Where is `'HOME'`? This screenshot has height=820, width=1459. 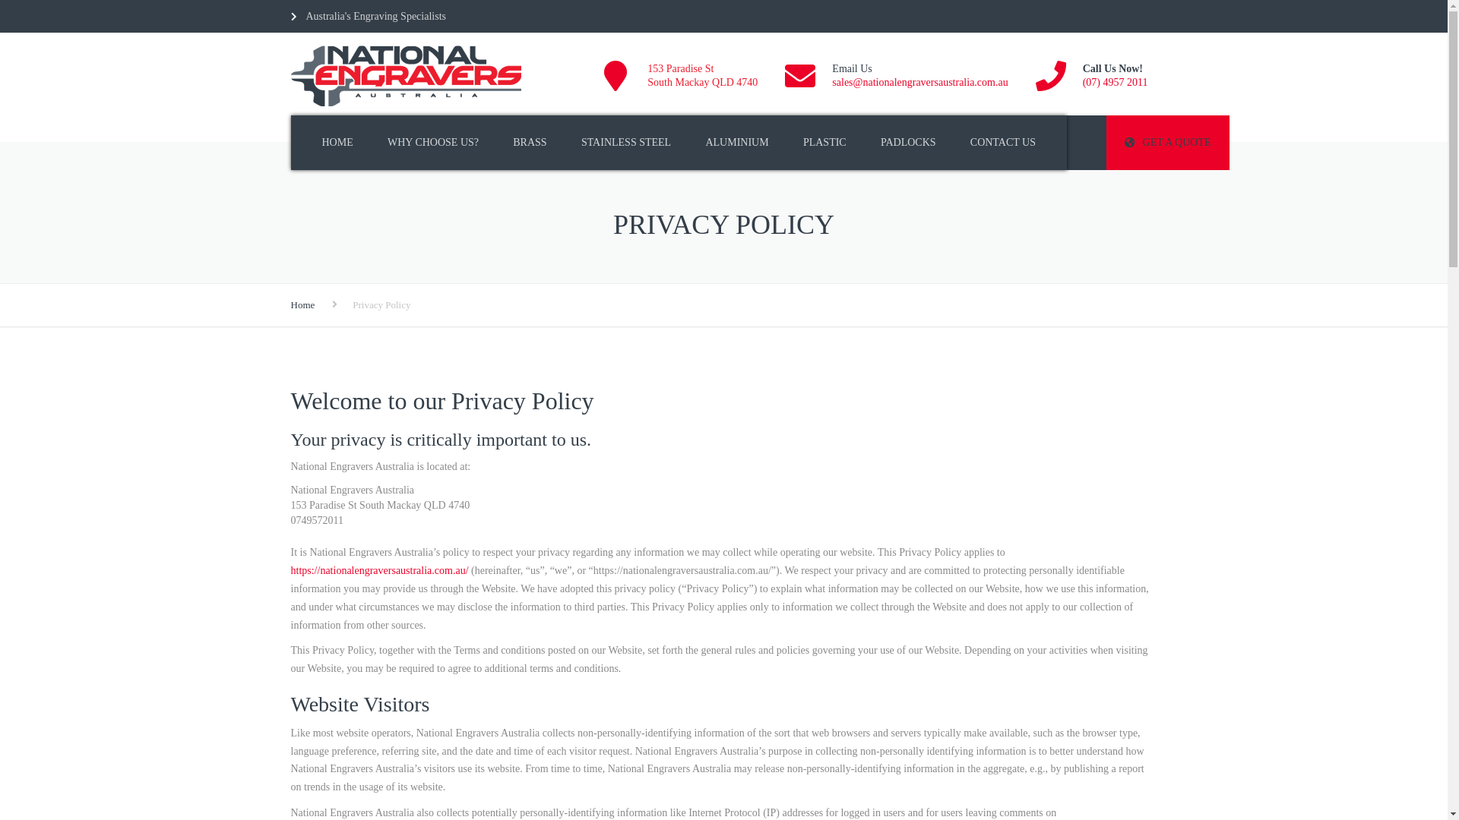
'HOME' is located at coordinates (336, 143).